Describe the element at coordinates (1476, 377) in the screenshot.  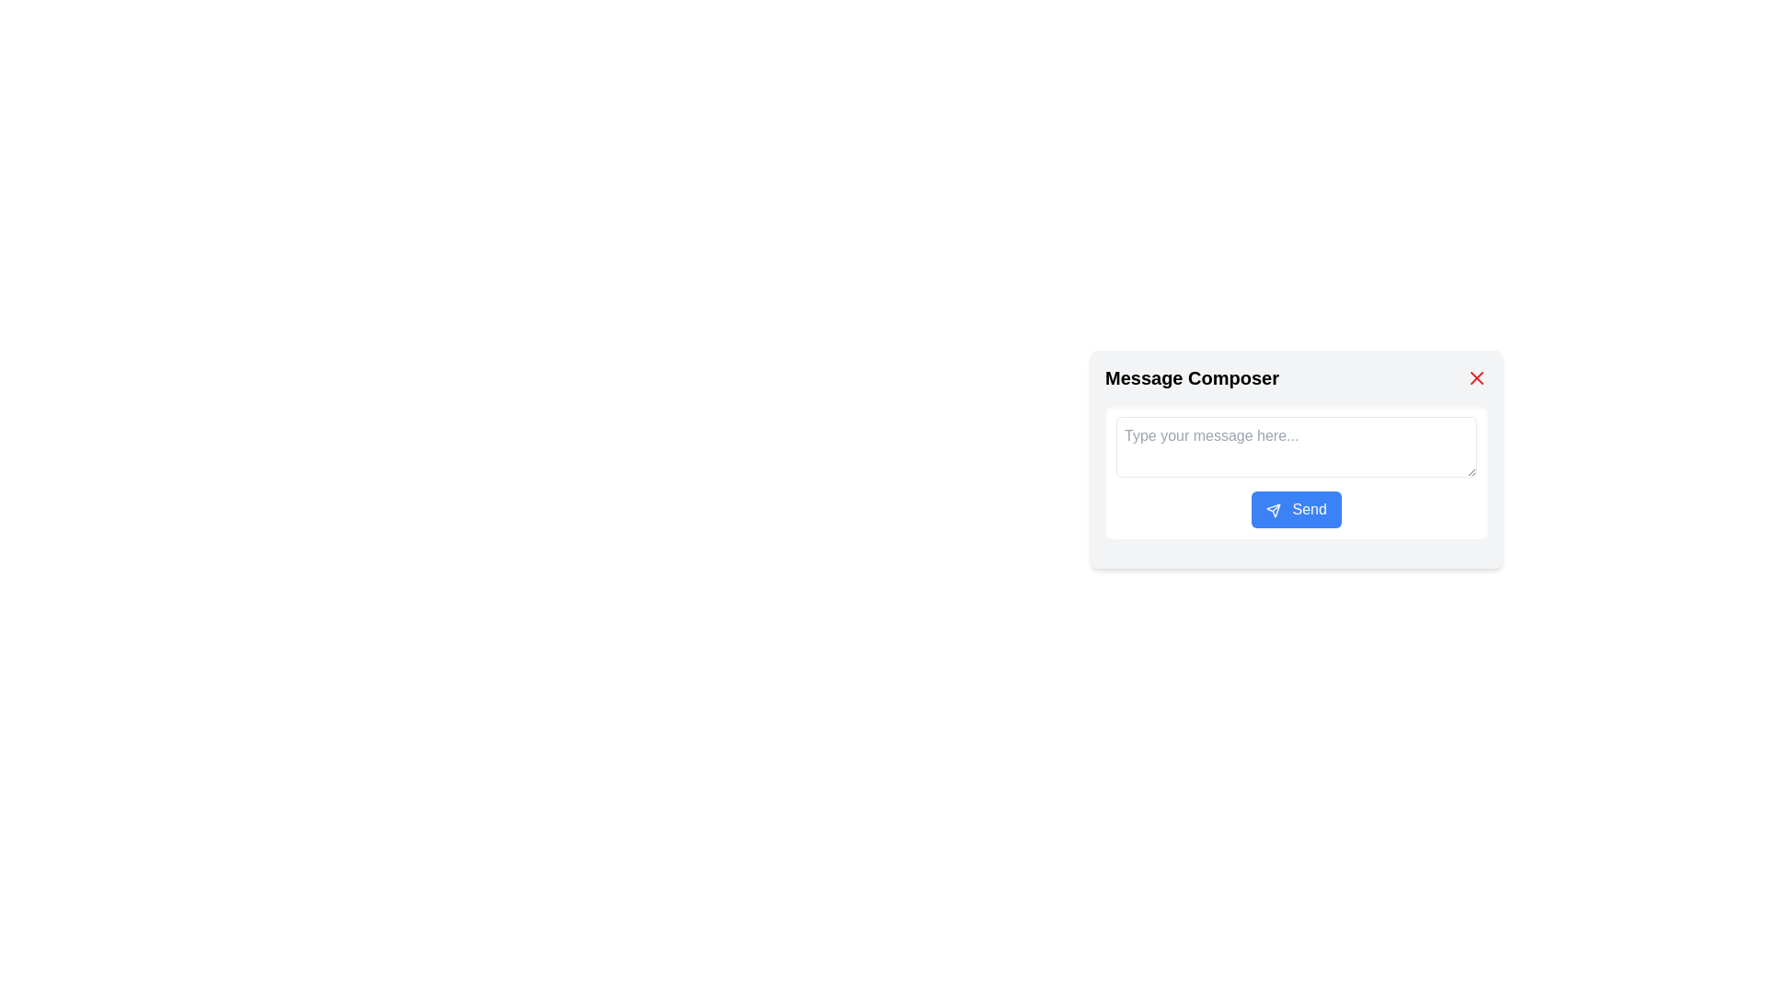
I see `the close button located in the top-right corner of the 'Message Composer' dialog` at that location.